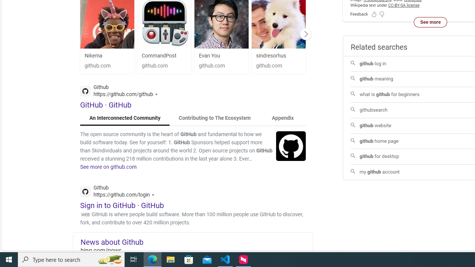 The width and height of the screenshot is (475, 267). Describe the element at coordinates (278, 55) in the screenshot. I see `'sindresorhus'` at that location.